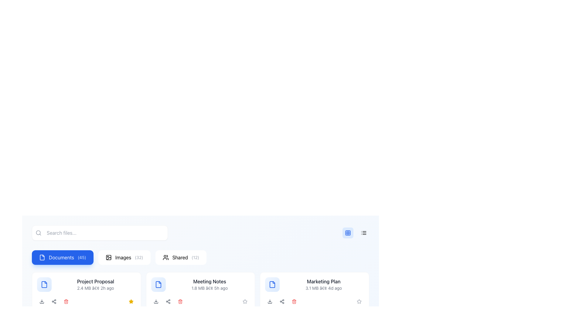 Image resolution: width=583 pixels, height=328 pixels. What do you see at coordinates (282, 301) in the screenshot?
I see `the 'Share' button located between the 'Download' and 'Delete' icons below the 'Marketing Plan' file entry` at bounding box center [282, 301].